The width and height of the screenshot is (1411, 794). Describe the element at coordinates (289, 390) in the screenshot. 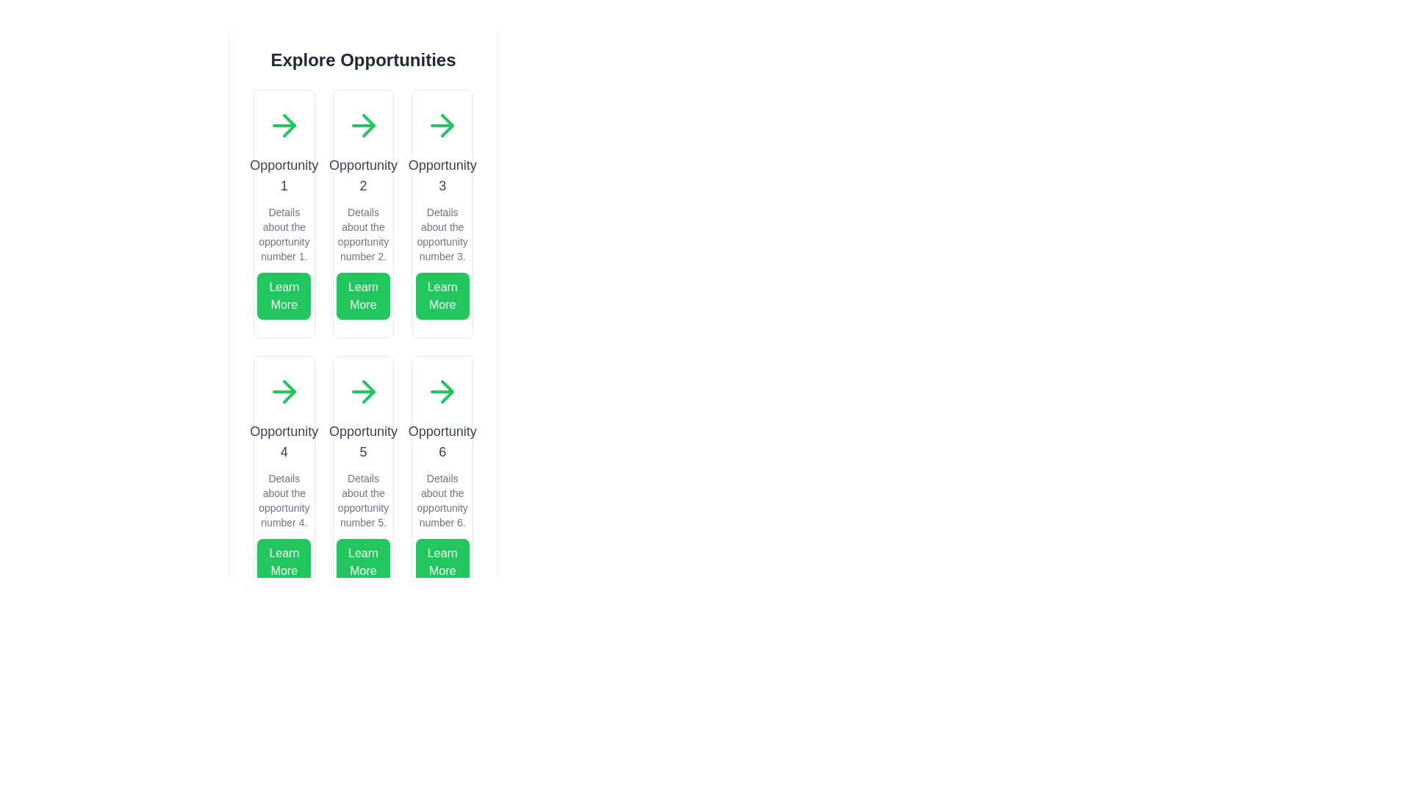

I see `the navigation icon related to the Opportunity 4 option, which is located in the second row, first column of the icon set` at that location.